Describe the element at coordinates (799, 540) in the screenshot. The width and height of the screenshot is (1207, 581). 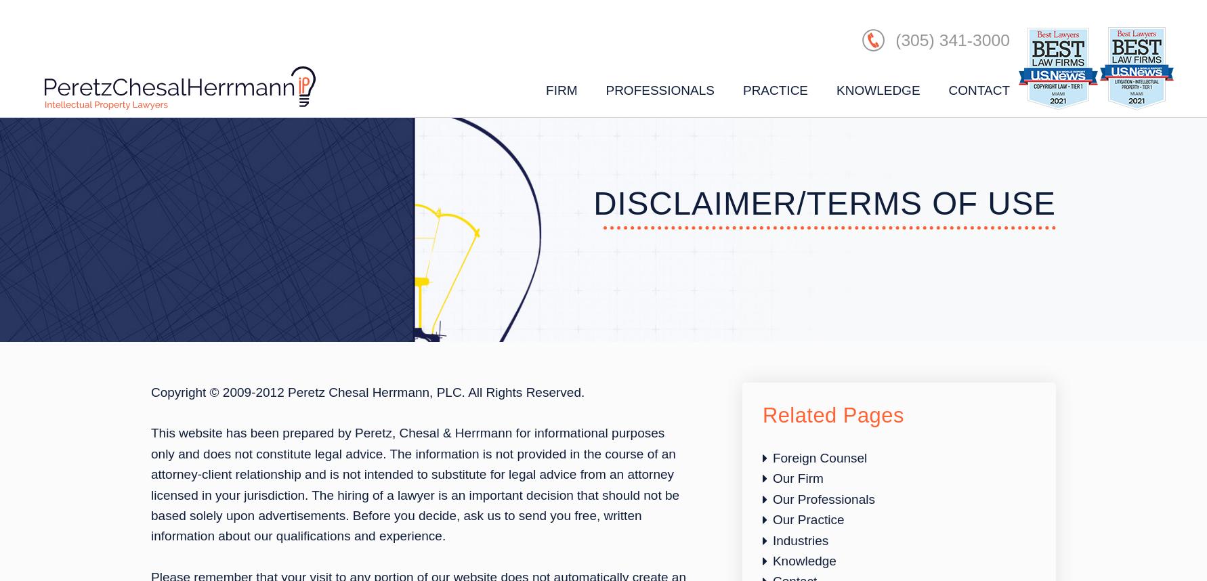
I see `'Industries'` at that location.